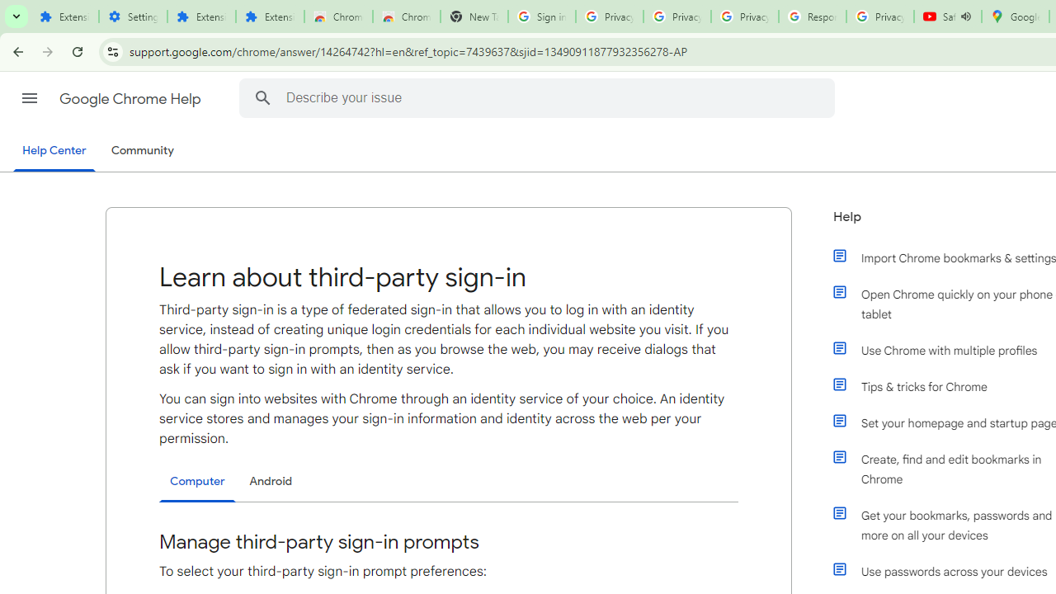  I want to click on 'Chrome Web Store', so click(337, 16).